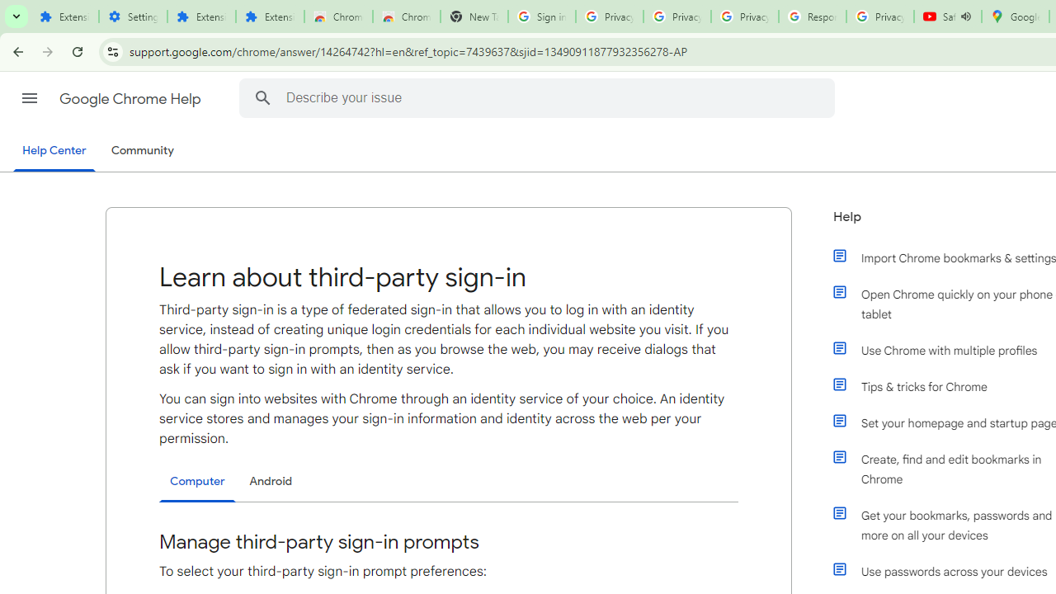  I want to click on 'Chrome Web Store', so click(337, 16).